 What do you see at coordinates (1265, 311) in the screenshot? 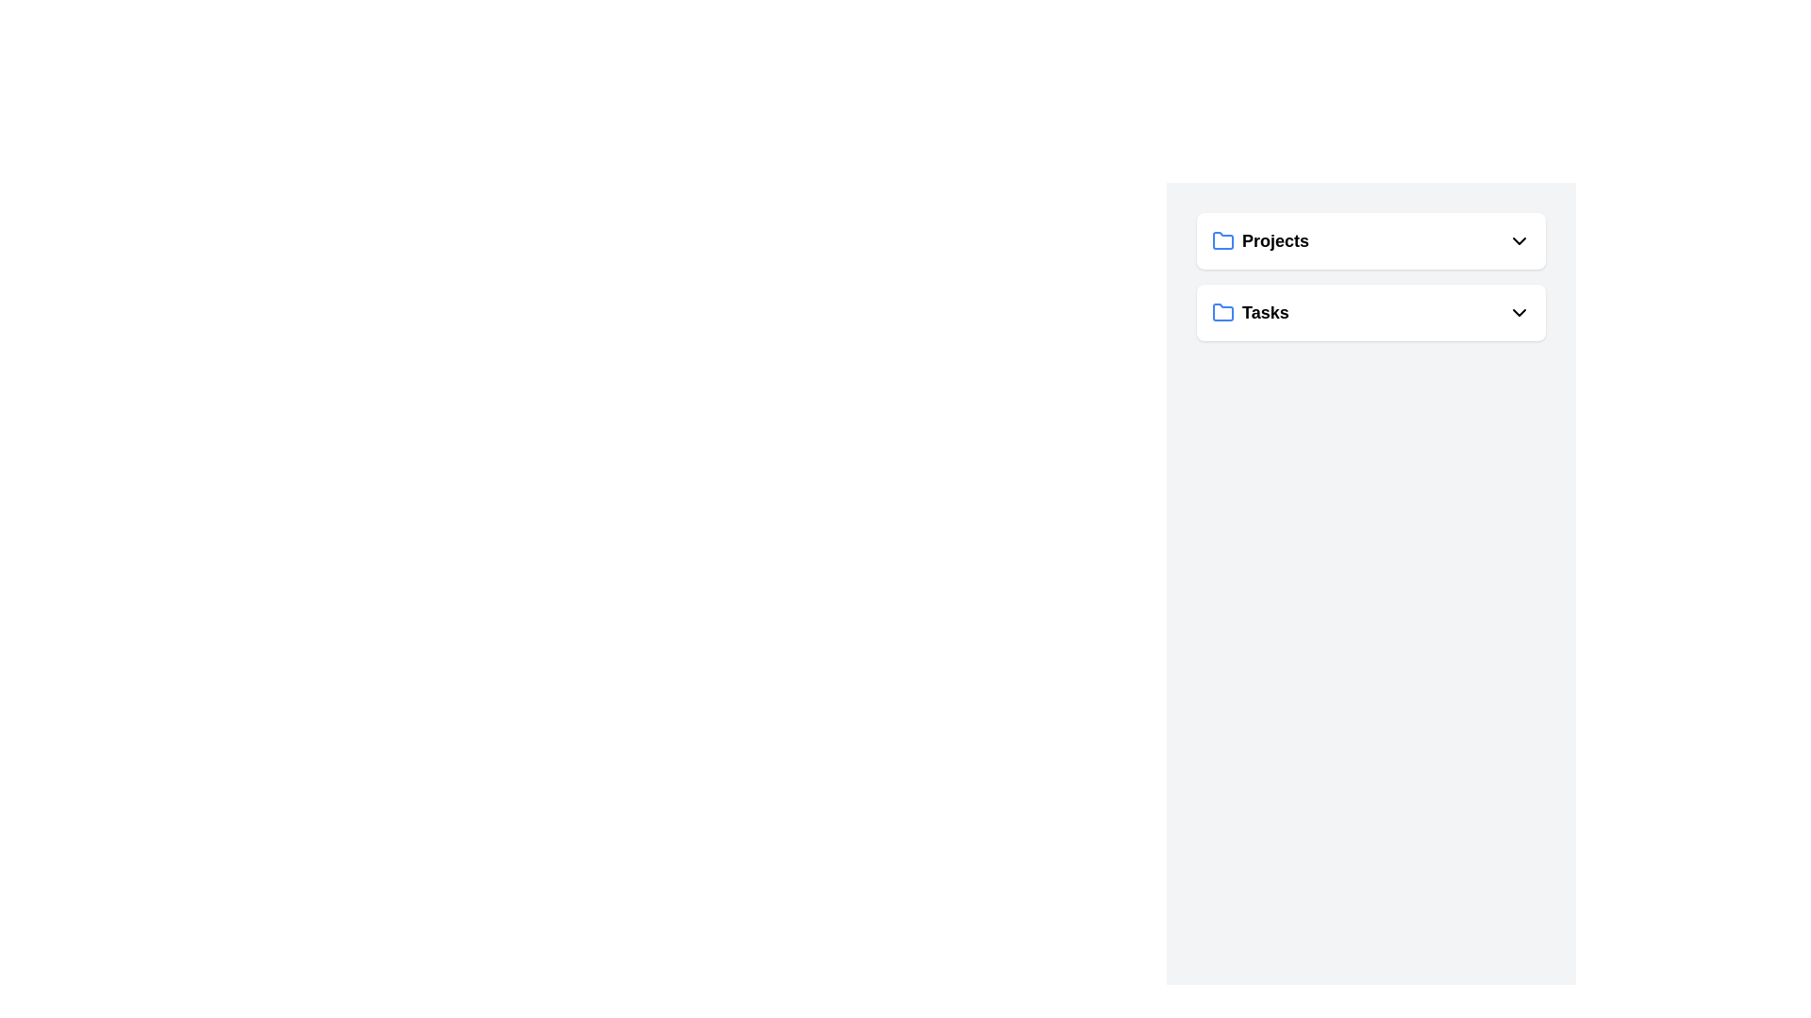
I see `the 'Tasks' text label, which is styled with a bold font and is positioned to the right of a blue folder icon, indicating it serves as a heading within a vertical list` at bounding box center [1265, 311].